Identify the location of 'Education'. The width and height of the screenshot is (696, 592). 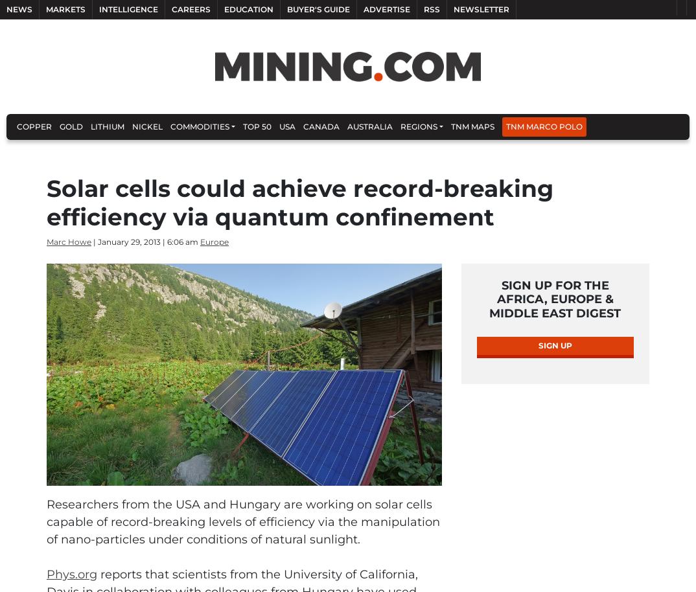
(248, 9).